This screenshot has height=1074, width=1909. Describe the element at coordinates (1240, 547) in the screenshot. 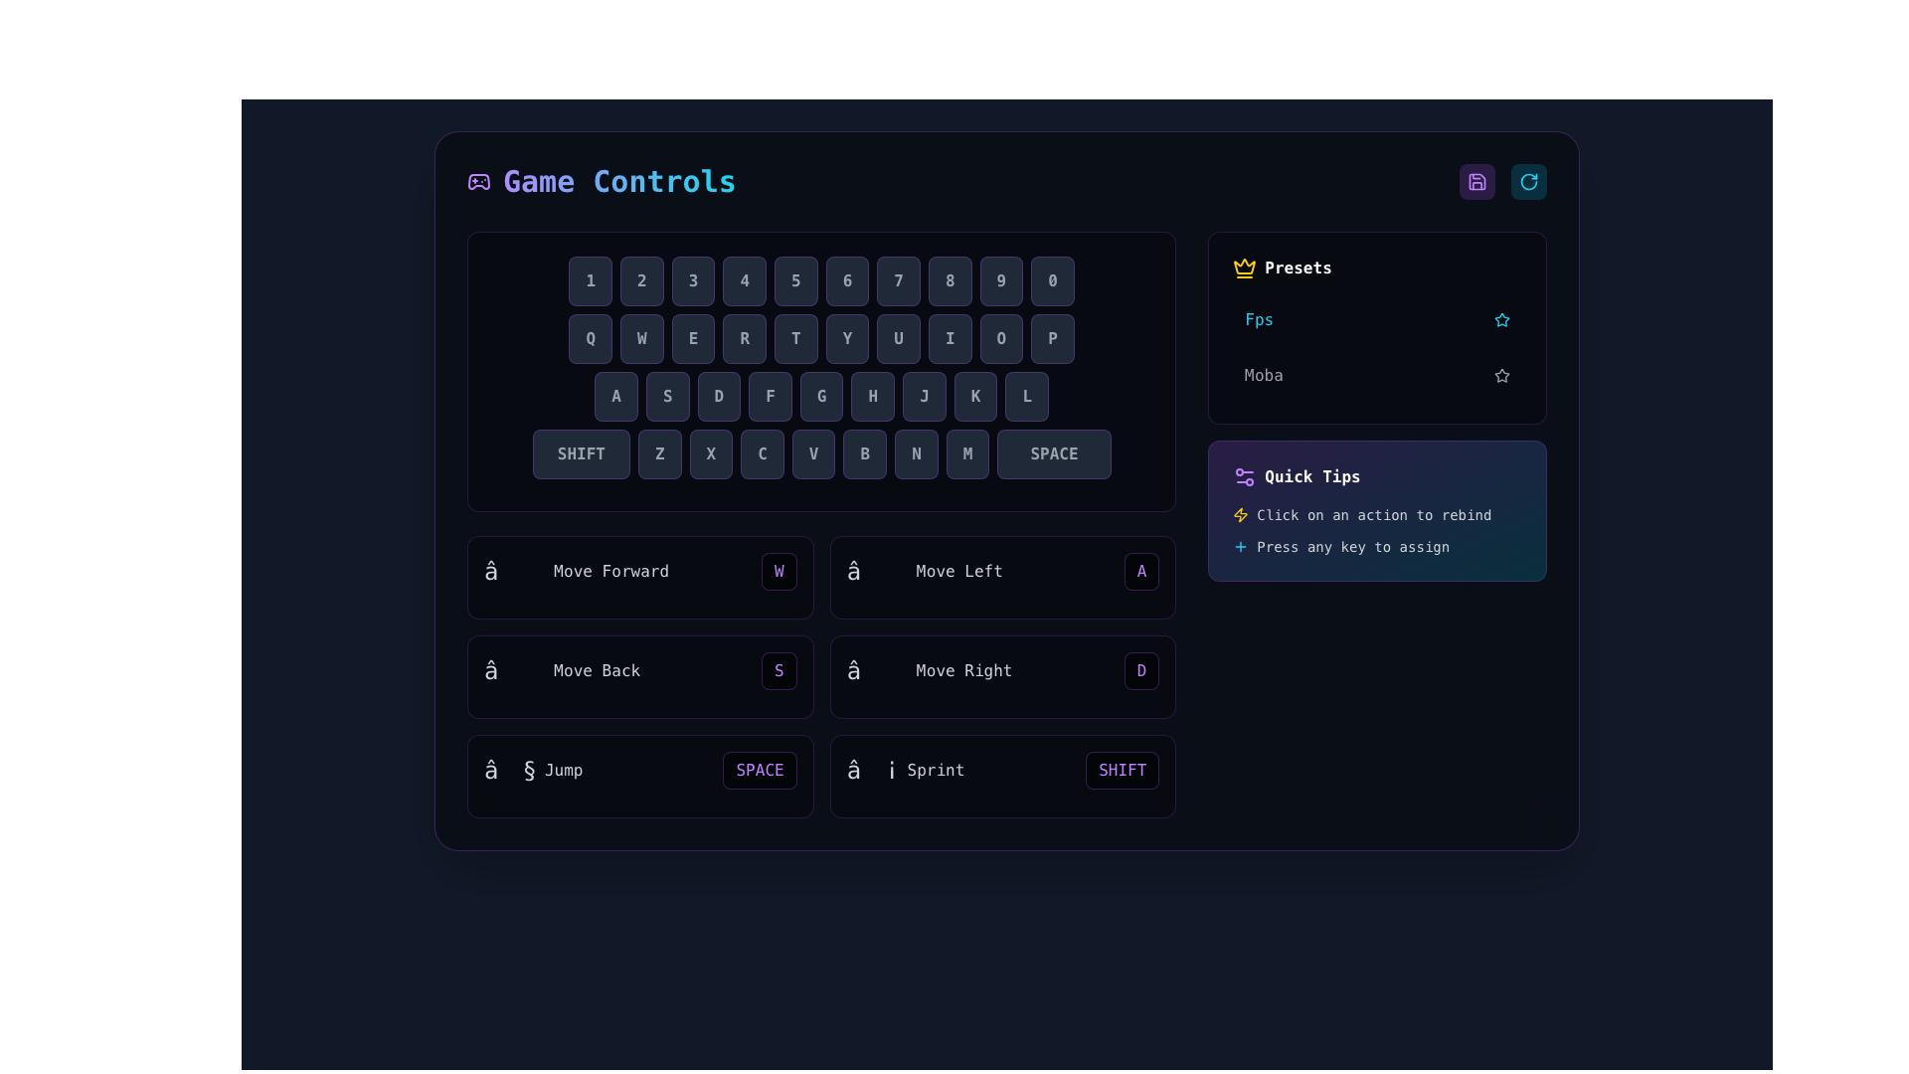

I see `the small cyan plus sign icon located to the left of the text 'Press any key to assign'` at that location.